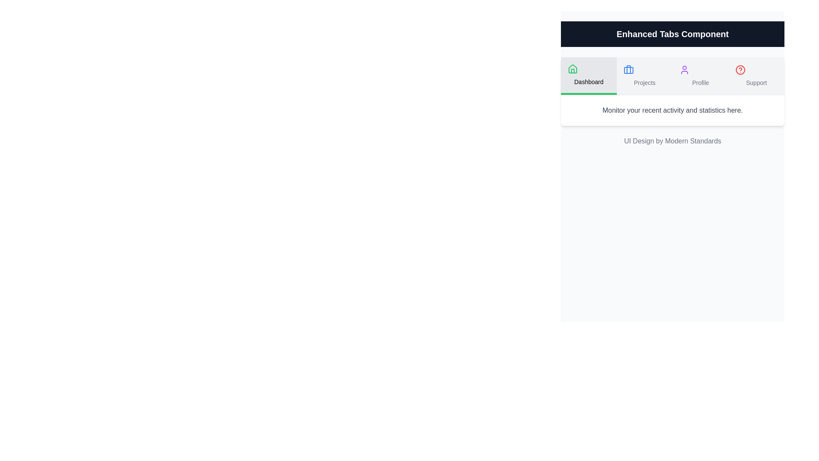 The height and width of the screenshot is (461, 819). I want to click on the 'Projects' tab, which is the second navigation option from the left in the top bar, so click(645, 75).